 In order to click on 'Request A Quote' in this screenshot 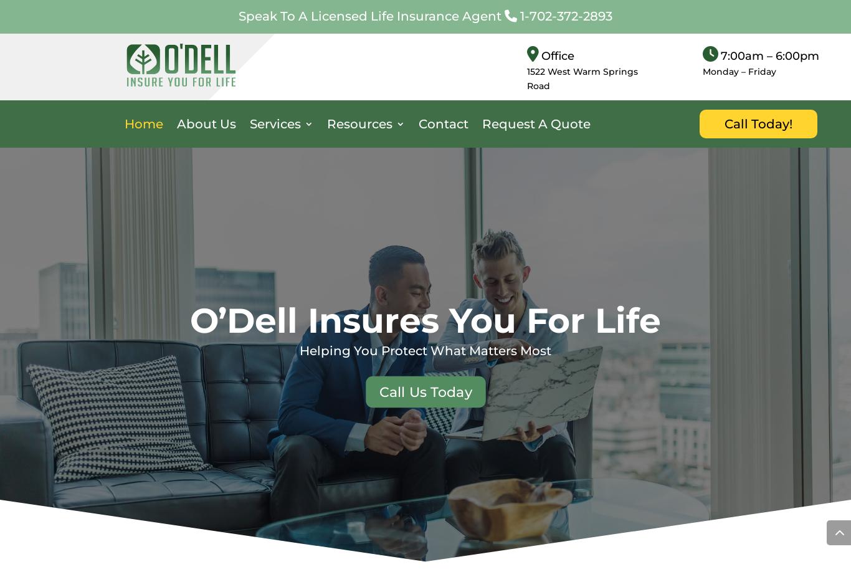, I will do `click(482, 123)`.